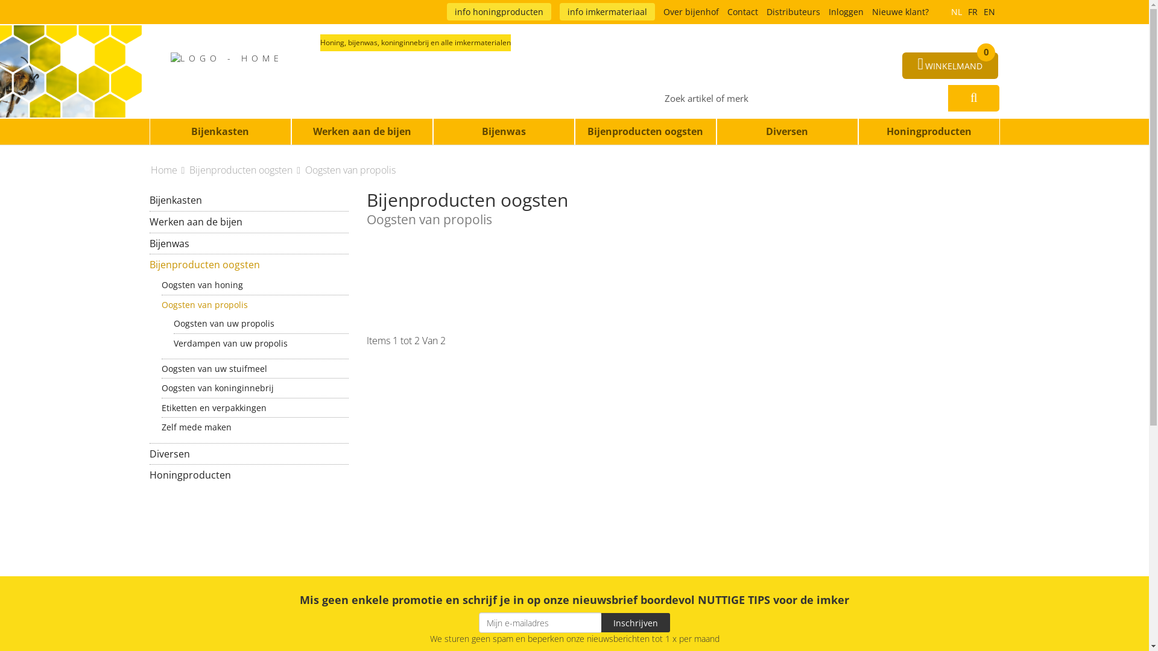 This screenshot has height=651, width=1158. I want to click on 'FR', so click(972, 12).